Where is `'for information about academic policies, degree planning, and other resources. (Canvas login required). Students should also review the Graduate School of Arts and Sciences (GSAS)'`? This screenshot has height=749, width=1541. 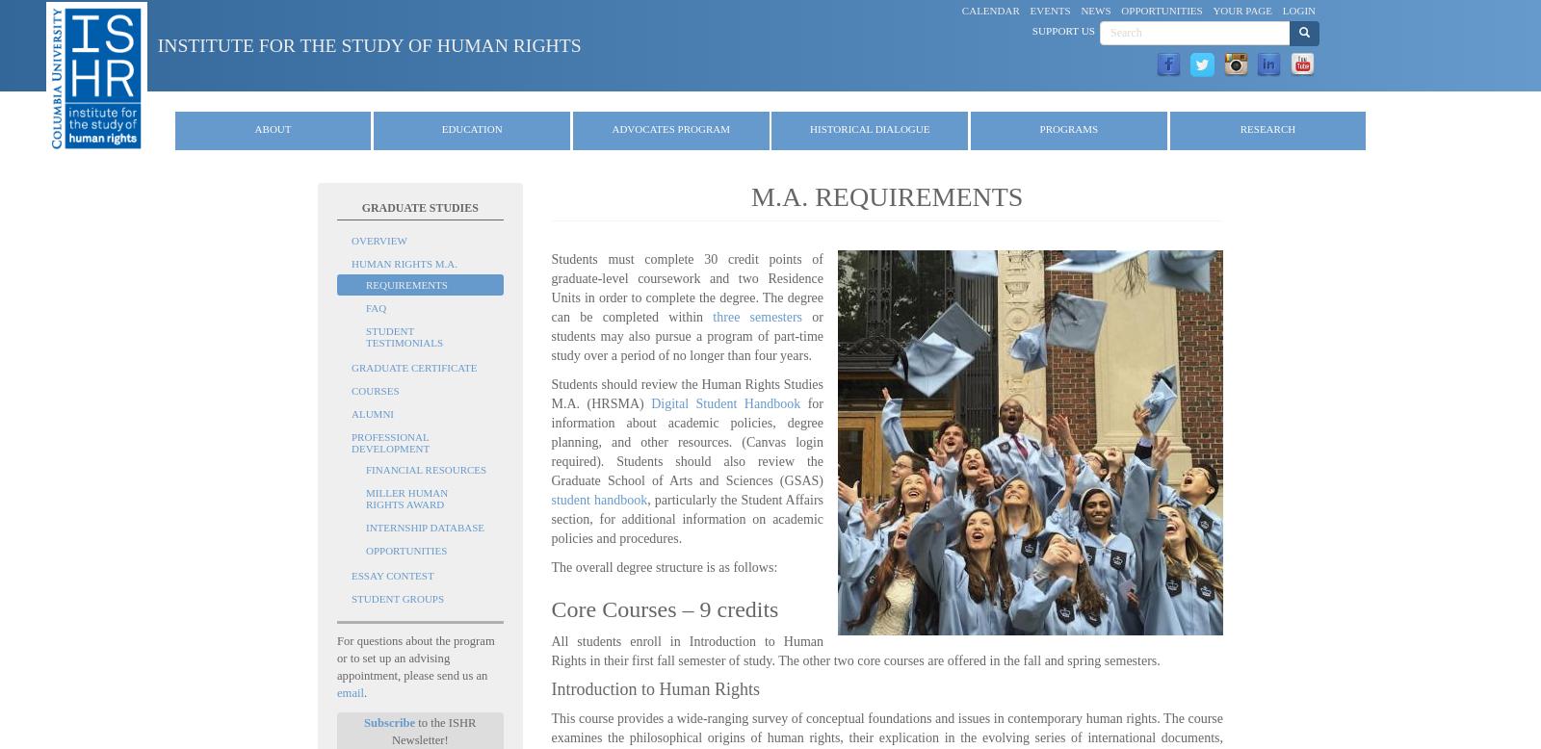 'for information about academic policies, degree planning, and other resources. (Canvas login required). Students should also review the Graduate School of Arts and Sciences (GSAS)' is located at coordinates (550, 441).